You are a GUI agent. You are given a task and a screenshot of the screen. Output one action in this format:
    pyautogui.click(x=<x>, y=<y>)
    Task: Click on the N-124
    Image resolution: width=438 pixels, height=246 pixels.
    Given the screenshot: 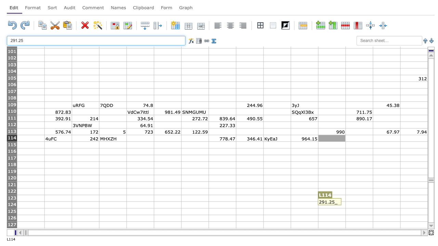 What is the action you would take?
    pyautogui.click(x=386, y=204)
    